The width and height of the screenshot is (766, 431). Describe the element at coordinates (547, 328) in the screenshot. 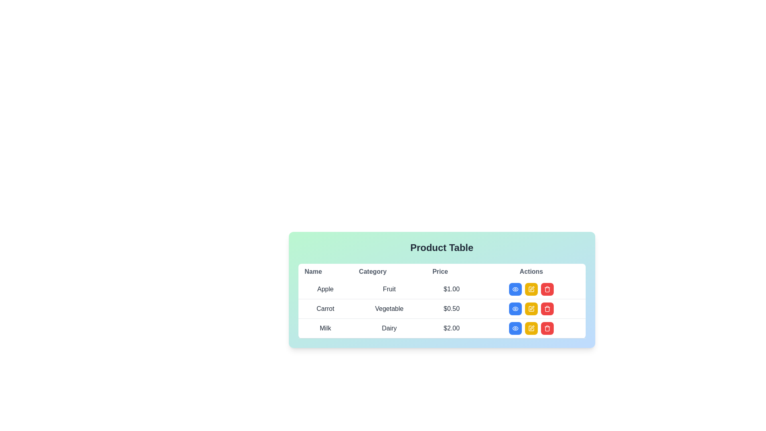

I see `the delete button located in the third row under the 'Actions' column of the table` at that location.